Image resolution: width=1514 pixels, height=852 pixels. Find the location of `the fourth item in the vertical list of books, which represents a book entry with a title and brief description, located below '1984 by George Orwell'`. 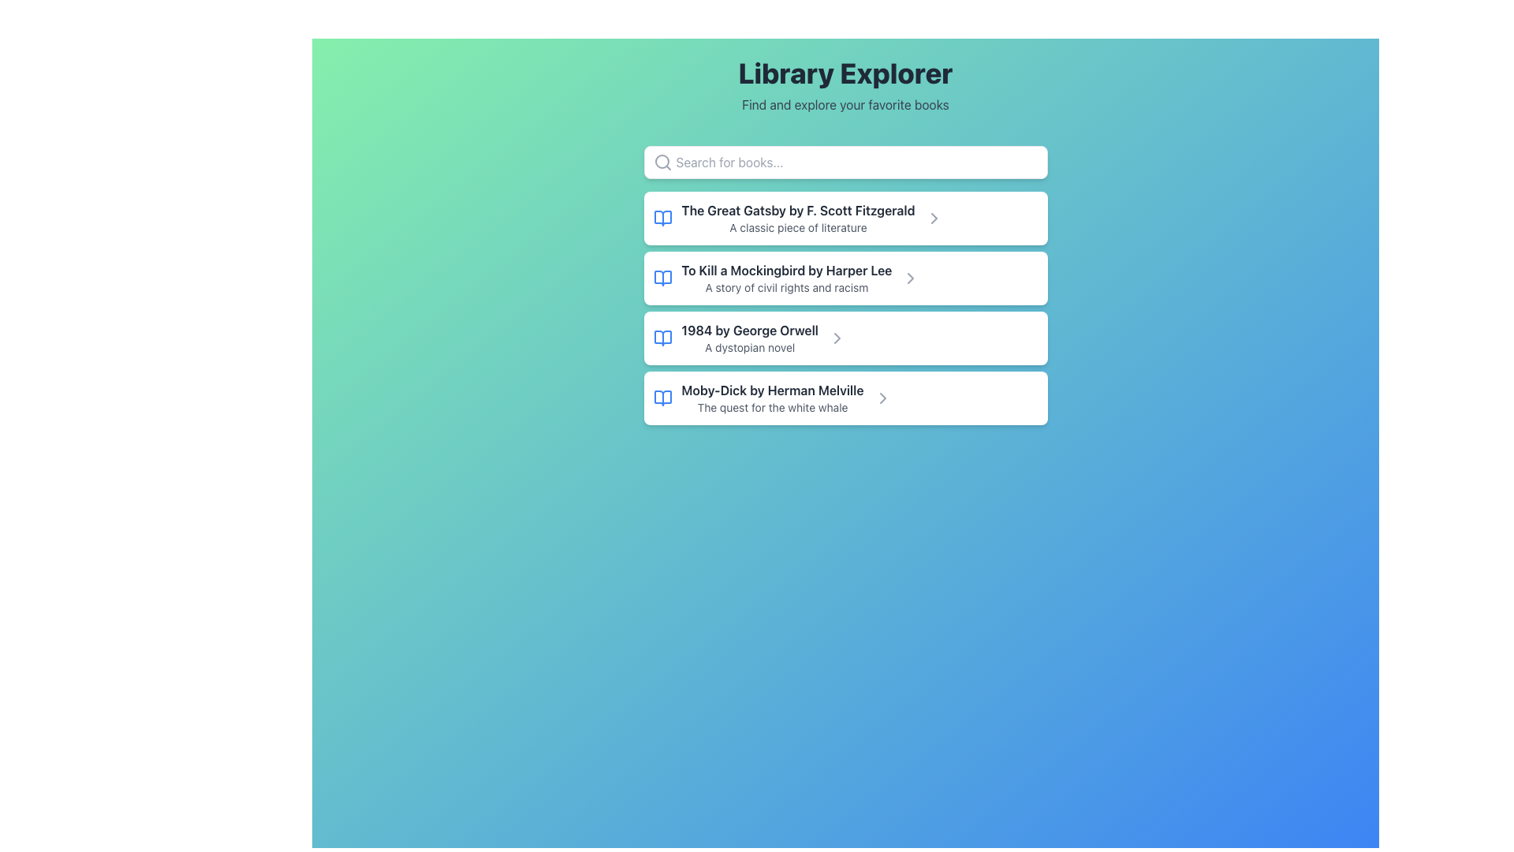

the fourth item in the vertical list of books, which represents a book entry with a title and brief description, located below '1984 by George Orwell' is located at coordinates (772, 398).